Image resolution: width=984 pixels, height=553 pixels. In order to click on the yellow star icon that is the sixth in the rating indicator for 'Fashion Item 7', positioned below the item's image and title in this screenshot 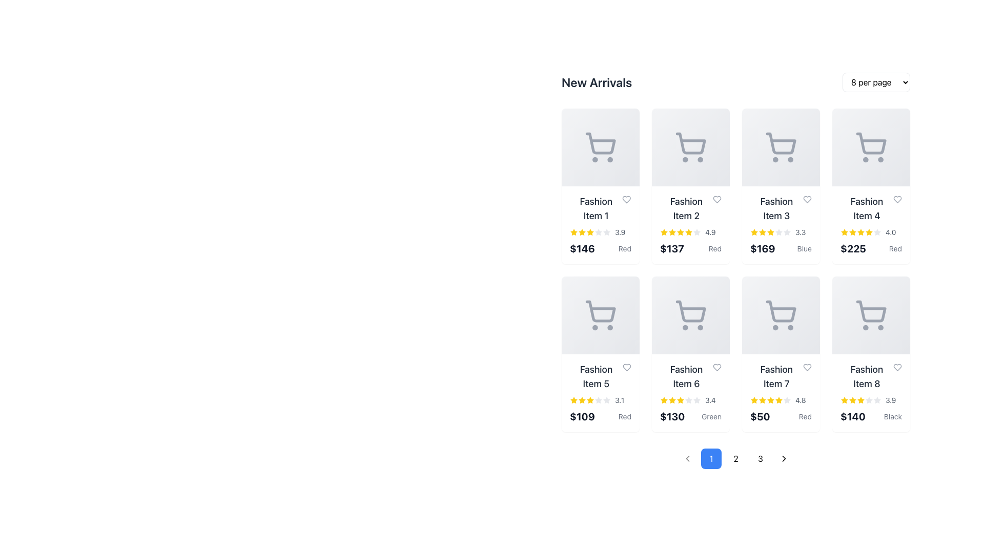, I will do `click(779, 400)`.